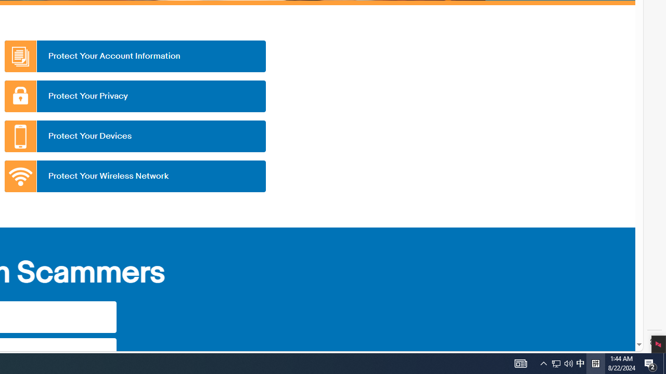  What do you see at coordinates (134, 136) in the screenshot?
I see `'Protect Your Devices'` at bounding box center [134, 136].